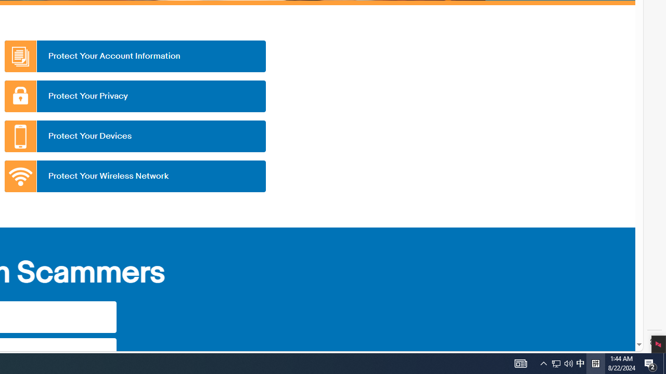  What do you see at coordinates (134, 136) in the screenshot?
I see `'Protect Your Devices'` at bounding box center [134, 136].